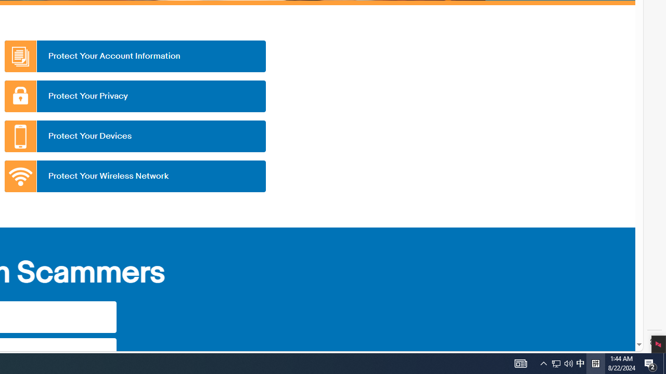  What do you see at coordinates (134, 136) in the screenshot?
I see `'Protect Your Devices'` at bounding box center [134, 136].